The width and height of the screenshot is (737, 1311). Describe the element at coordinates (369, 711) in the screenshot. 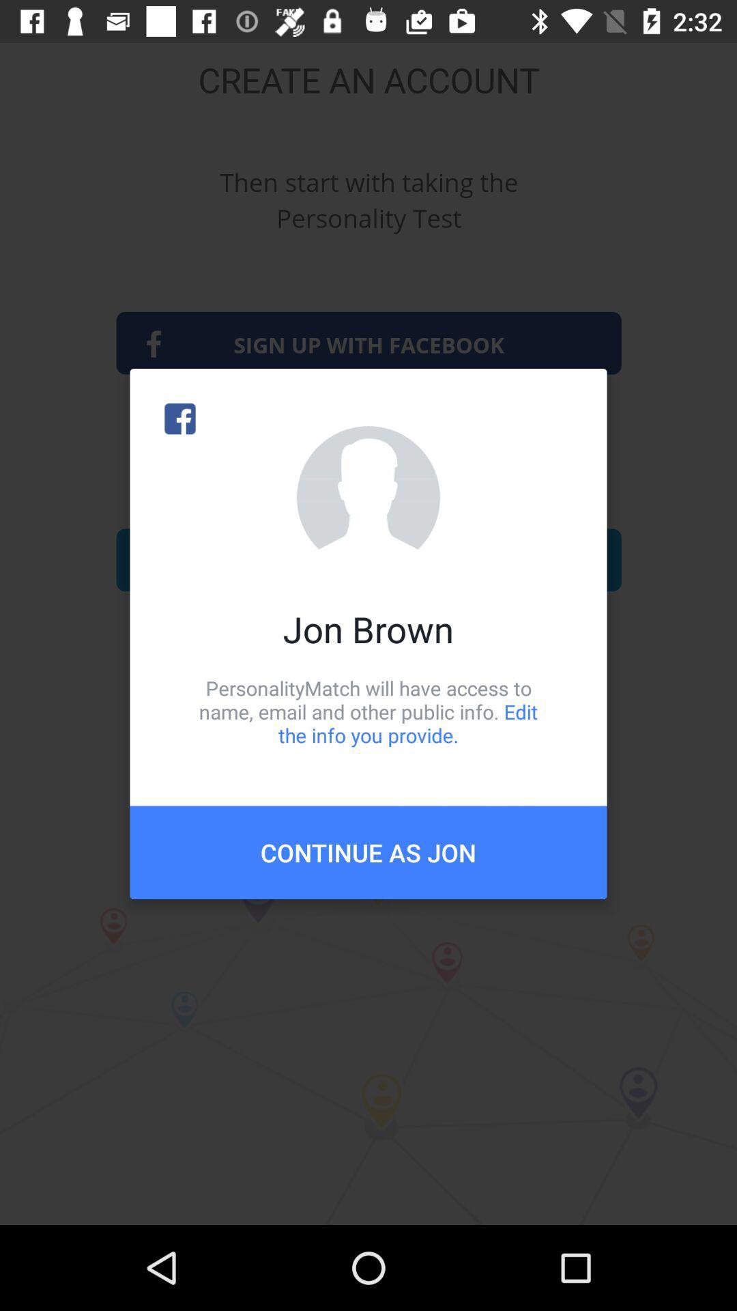

I see `personalitymatch will have icon` at that location.